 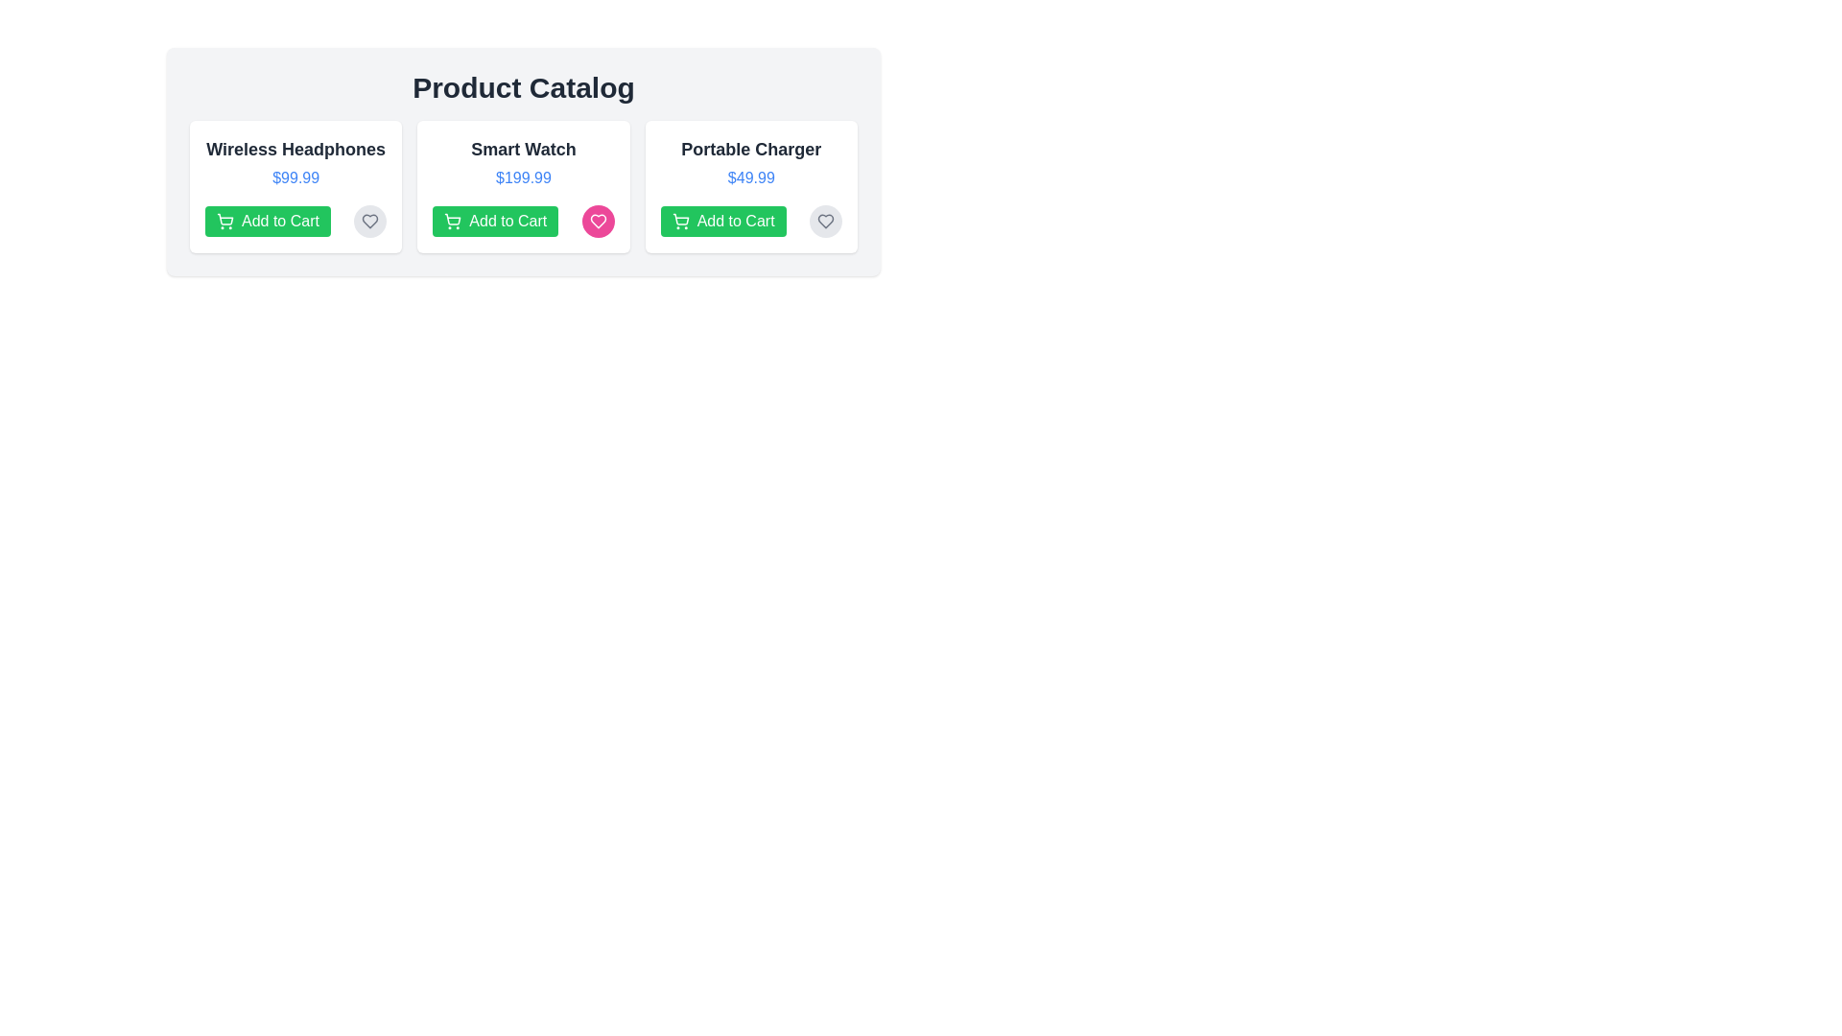 What do you see at coordinates (369, 221) in the screenshot?
I see `favorite button for the product Wireless Headphones` at bounding box center [369, 221].